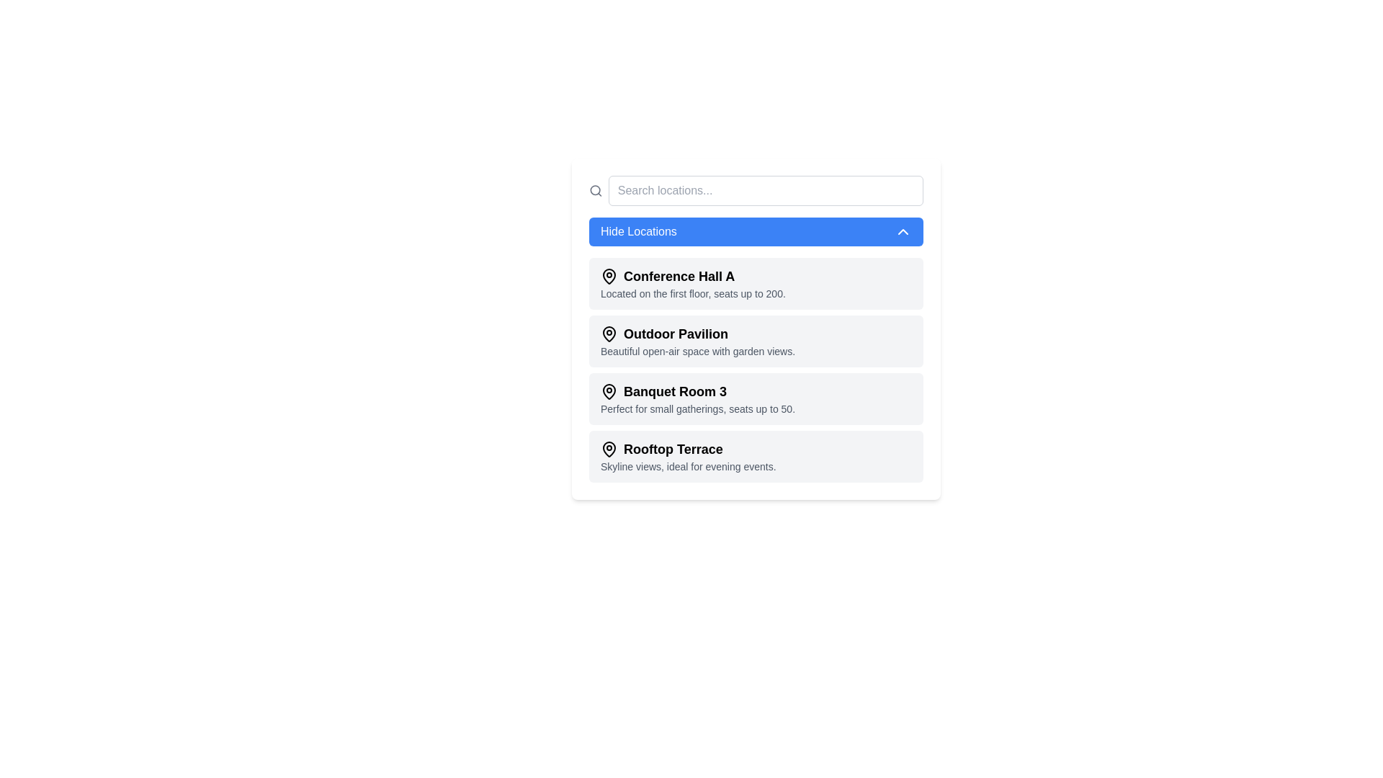 Image resolution: width=1383 pixels, height=778 pixels. I want to click on the bright blue button labeled 'Hide Locations', so click(756, 231).